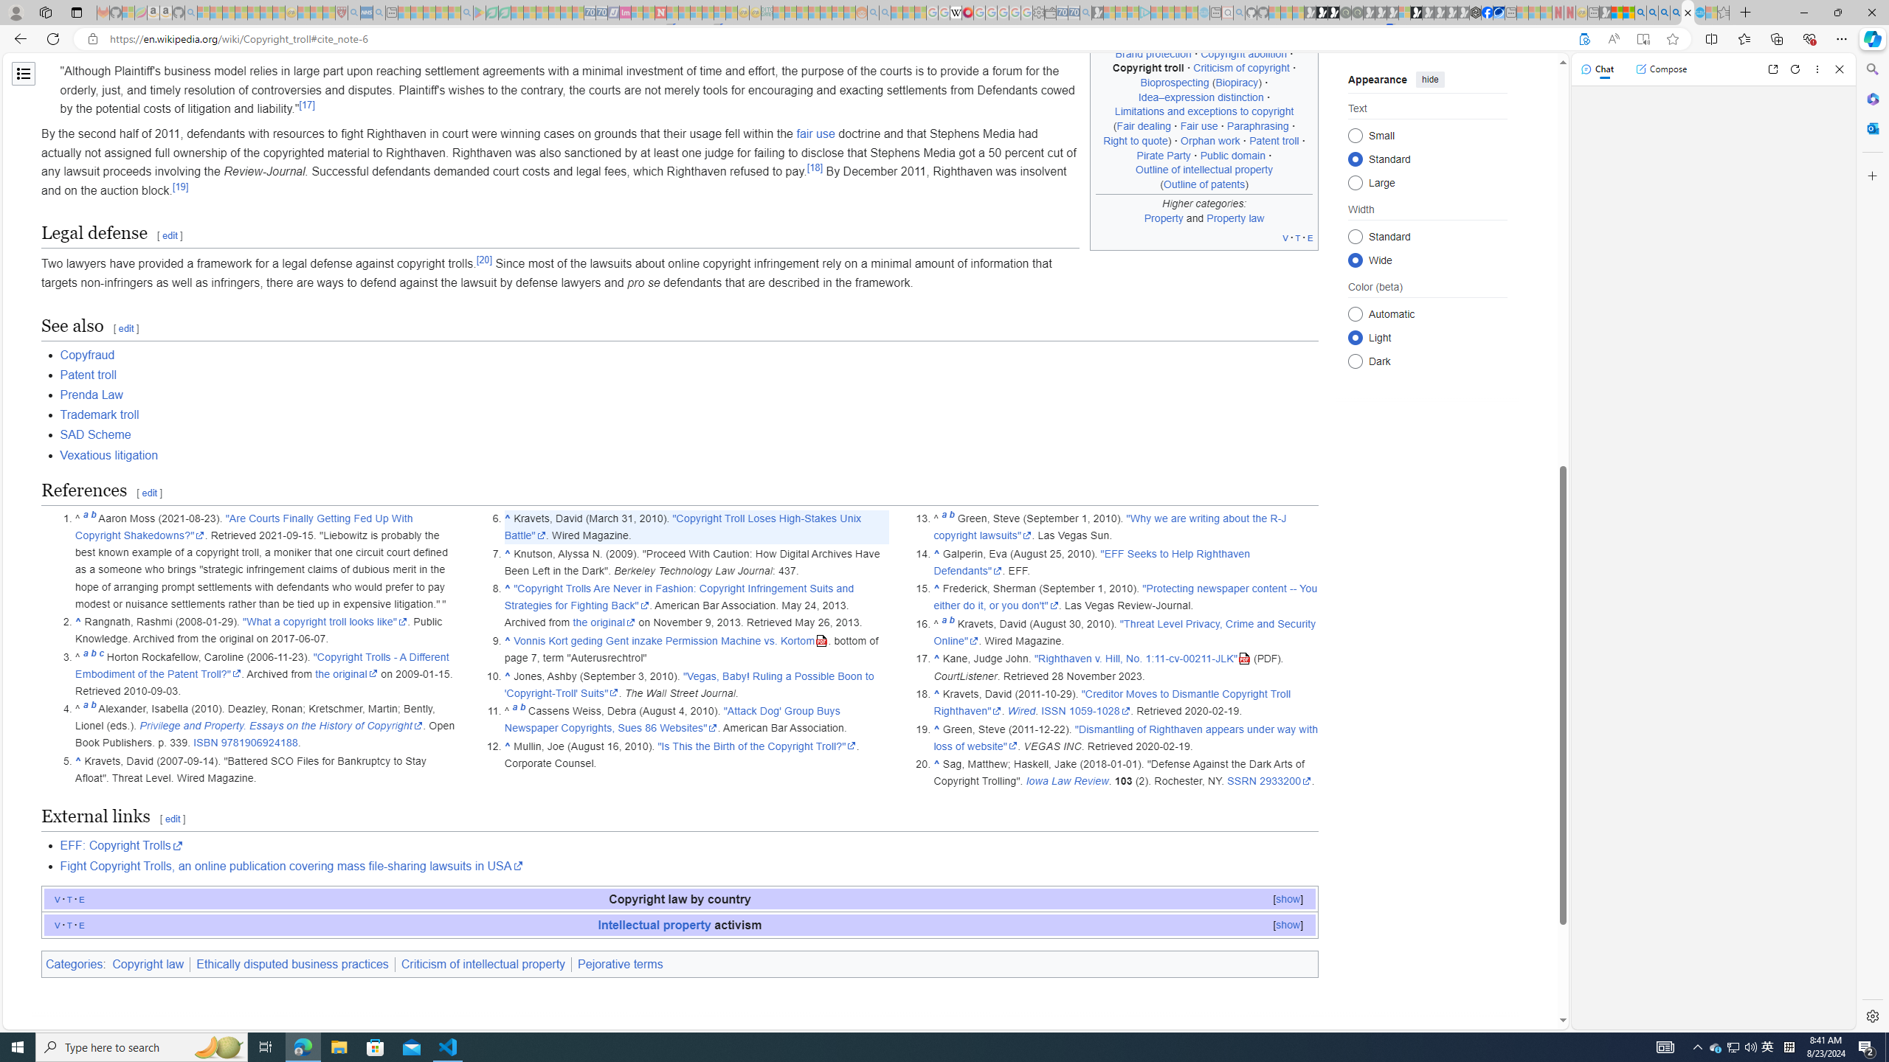 The image size is (1889, 1062). What do you see at coordinates (484, 260) in the screenshot?
I see `'[20]'` at bounding box center [484, 260].